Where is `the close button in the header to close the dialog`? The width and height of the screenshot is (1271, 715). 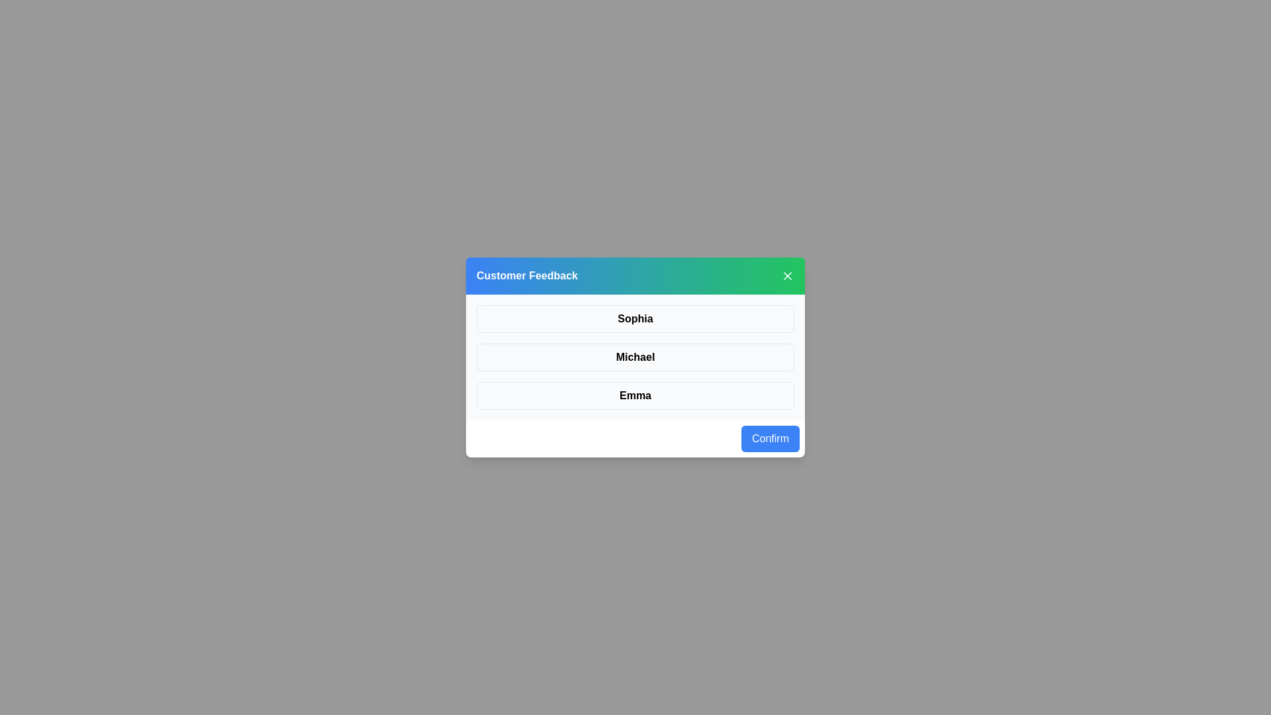 the close button in the header to close the dialog is located at coordinates (788, 275).